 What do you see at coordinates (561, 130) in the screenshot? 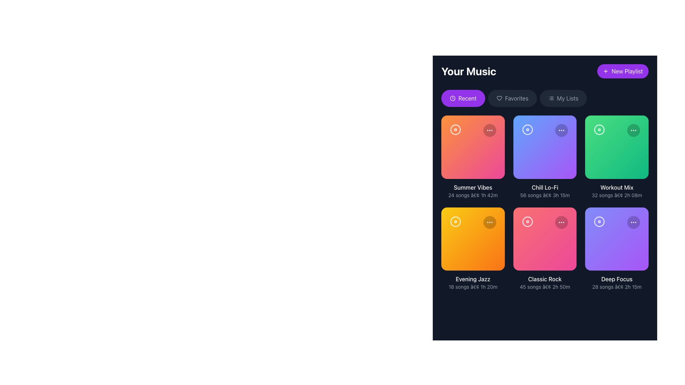
I see `the ellipsis icon button located at the top-center of the 'Chill Lo-Fi' music playlist card` at bounding box center [561, 130].